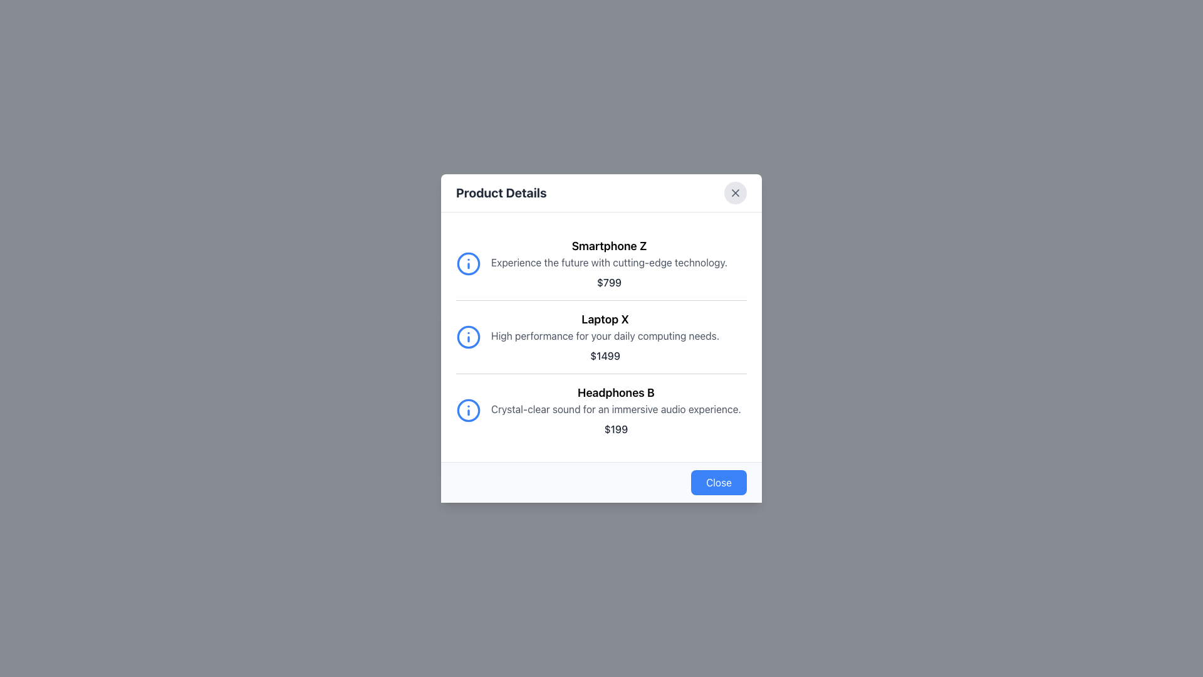 The height and width of the screenshot is (677, 1203). I want to click on the bold text 'Smartphone Z' located at the top of the item description section in the modal window, so click(609, 246).